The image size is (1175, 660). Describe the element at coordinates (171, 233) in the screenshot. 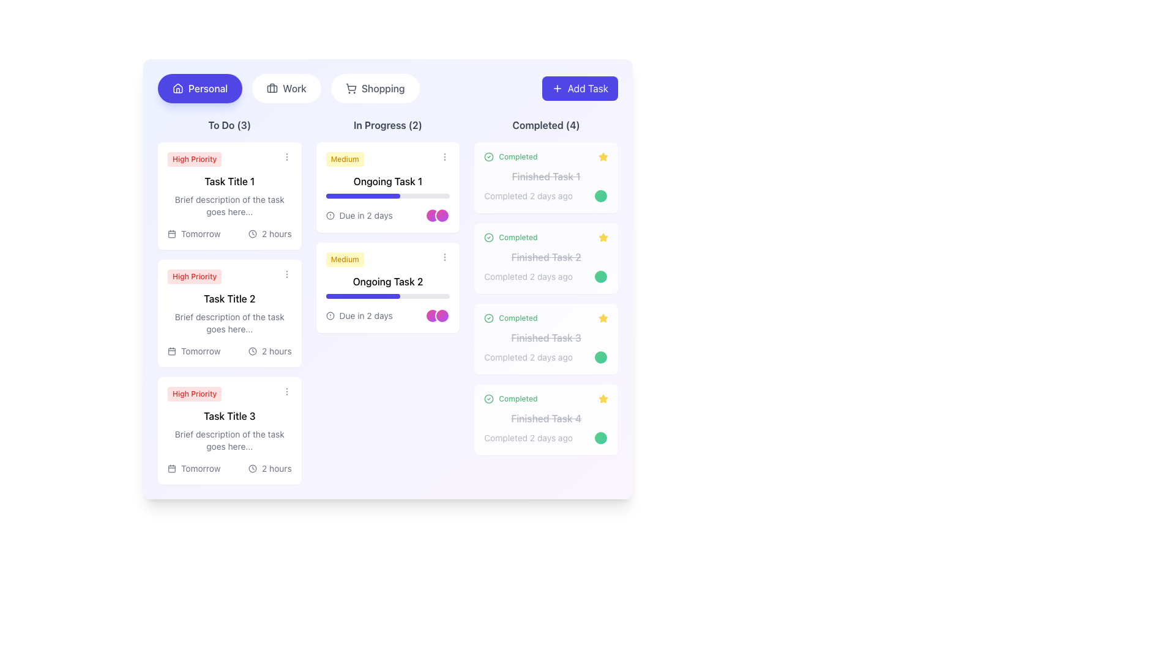

I see `the rounded rectangular graphic that forms part of the calendar icon located in the bottom-left corner of the task card titled 'Task Title 1' in the 'To Do' list column` at that location.